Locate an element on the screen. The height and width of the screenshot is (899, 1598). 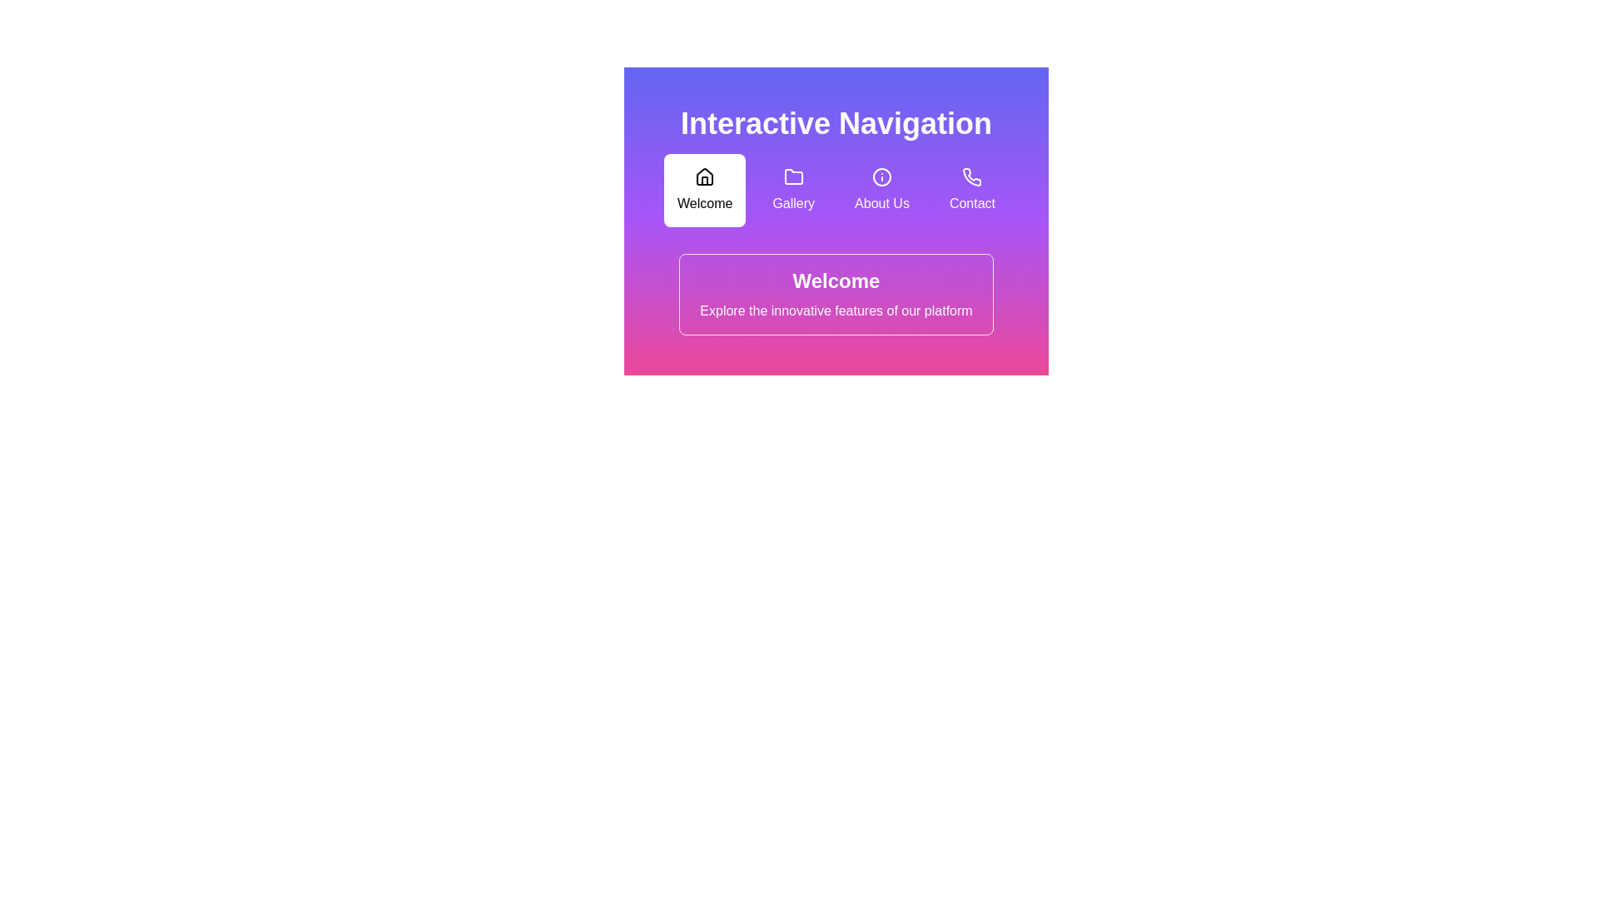
the circular 'About Us' button with an 'i' icon is located at coordinates (881, 189).